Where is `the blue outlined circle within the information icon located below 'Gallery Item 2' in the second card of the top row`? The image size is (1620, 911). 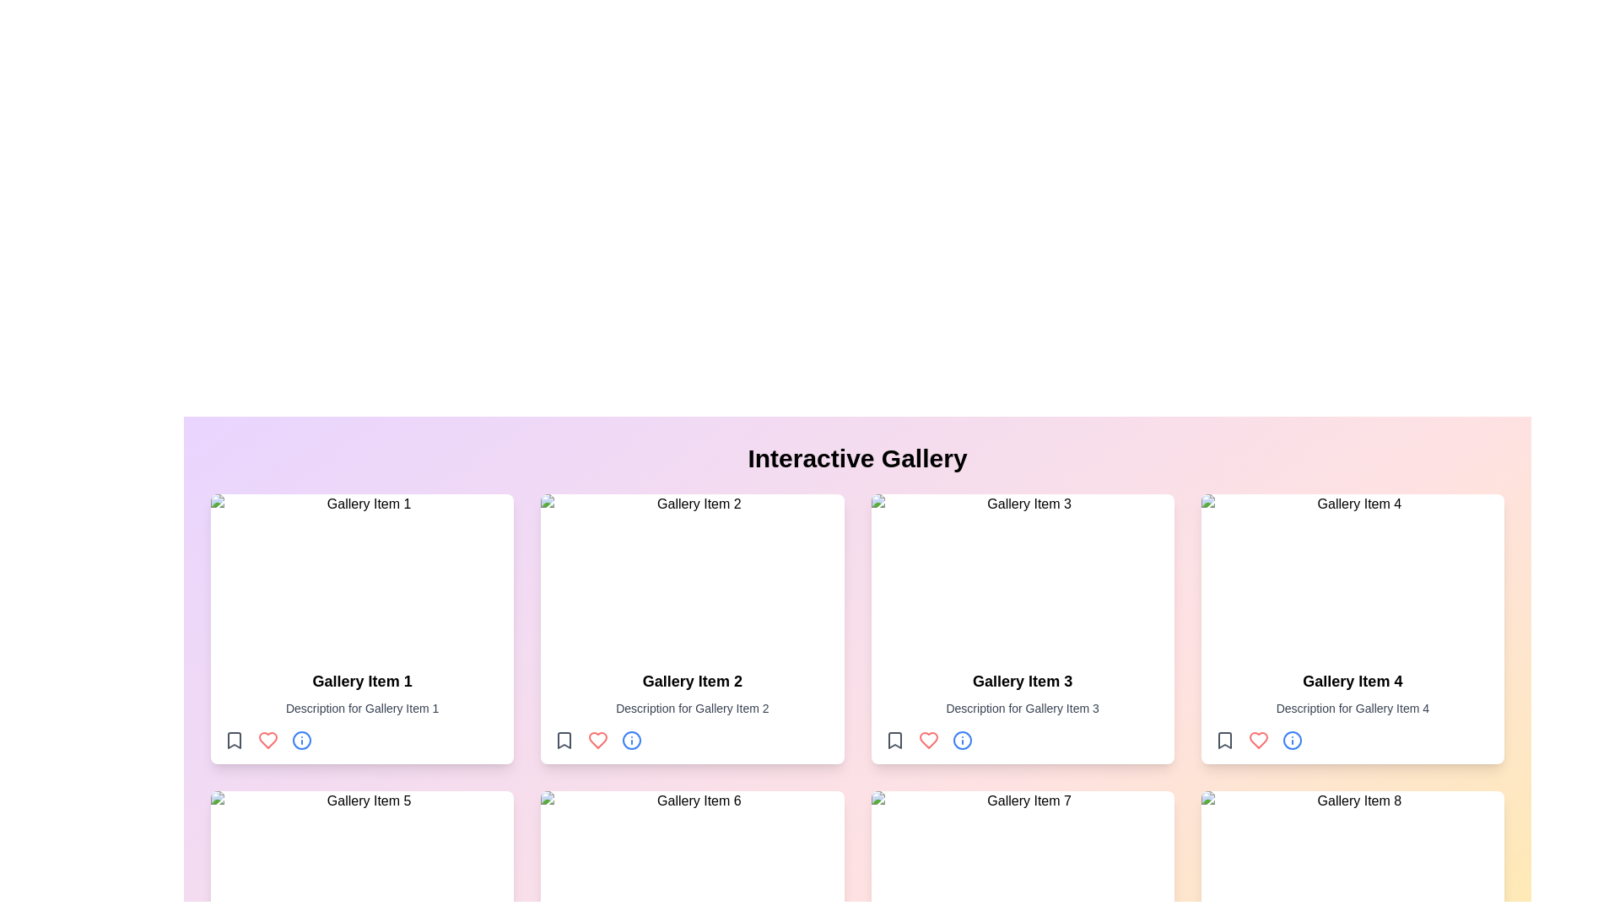
the blue outlined circle within the information icon located below 'Gallery Item 2' in the second card of the top row is located at coordinates (631, 740).